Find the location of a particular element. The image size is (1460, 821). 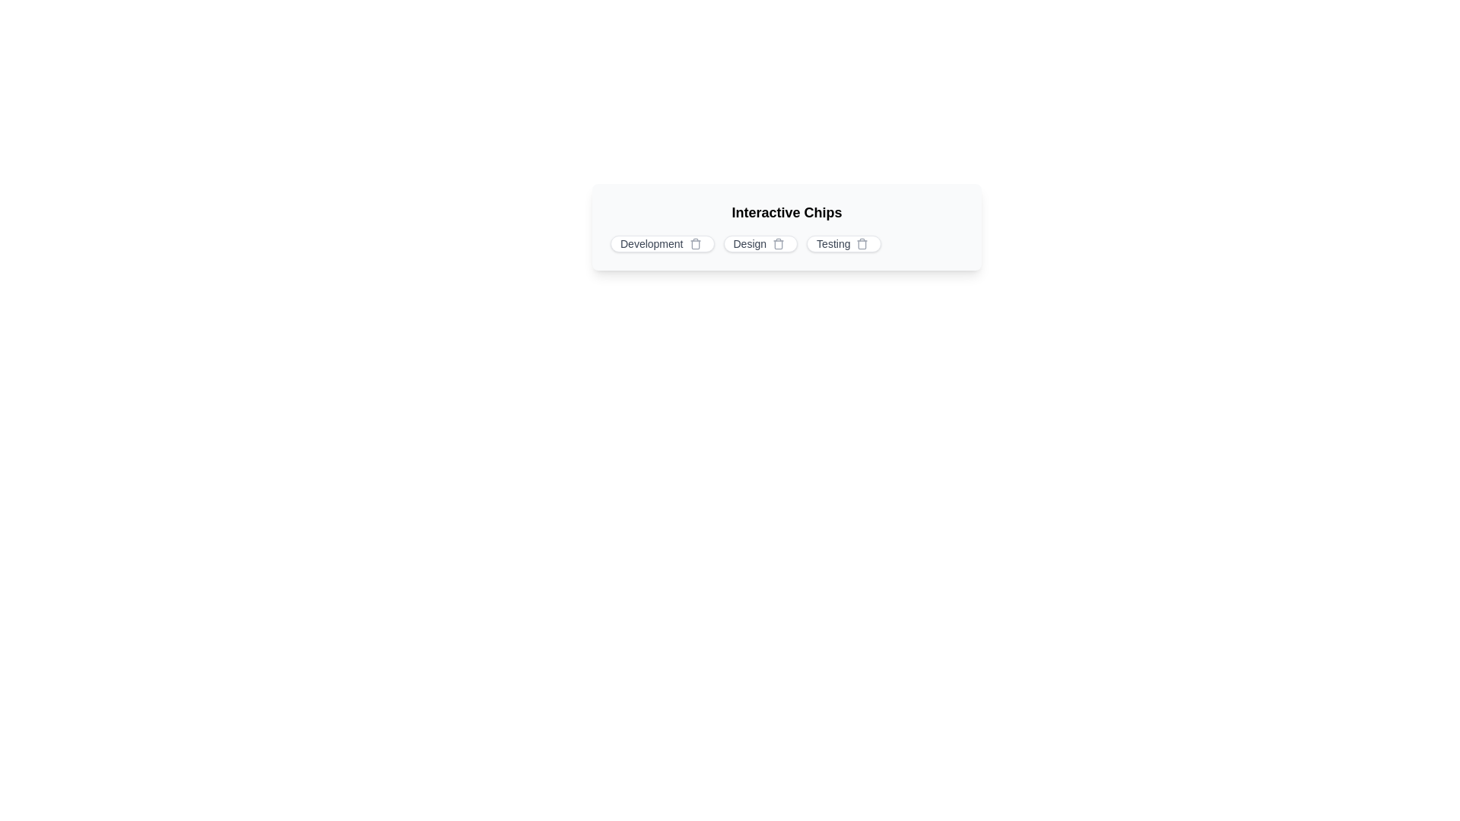

the trash icon of the chip labeled Design to remove it is located at coordinates (779, 242).